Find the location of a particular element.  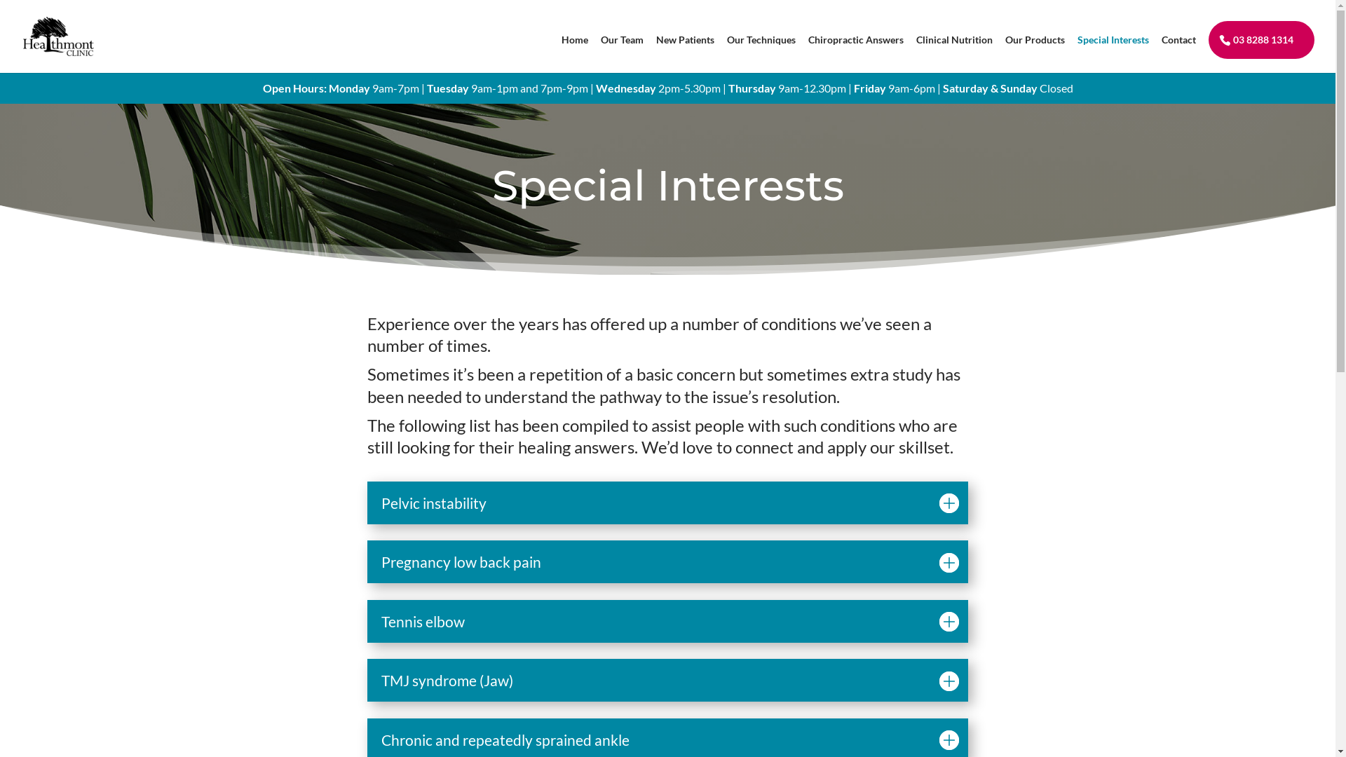

'Our Team' is located at coordinates (601, 50).